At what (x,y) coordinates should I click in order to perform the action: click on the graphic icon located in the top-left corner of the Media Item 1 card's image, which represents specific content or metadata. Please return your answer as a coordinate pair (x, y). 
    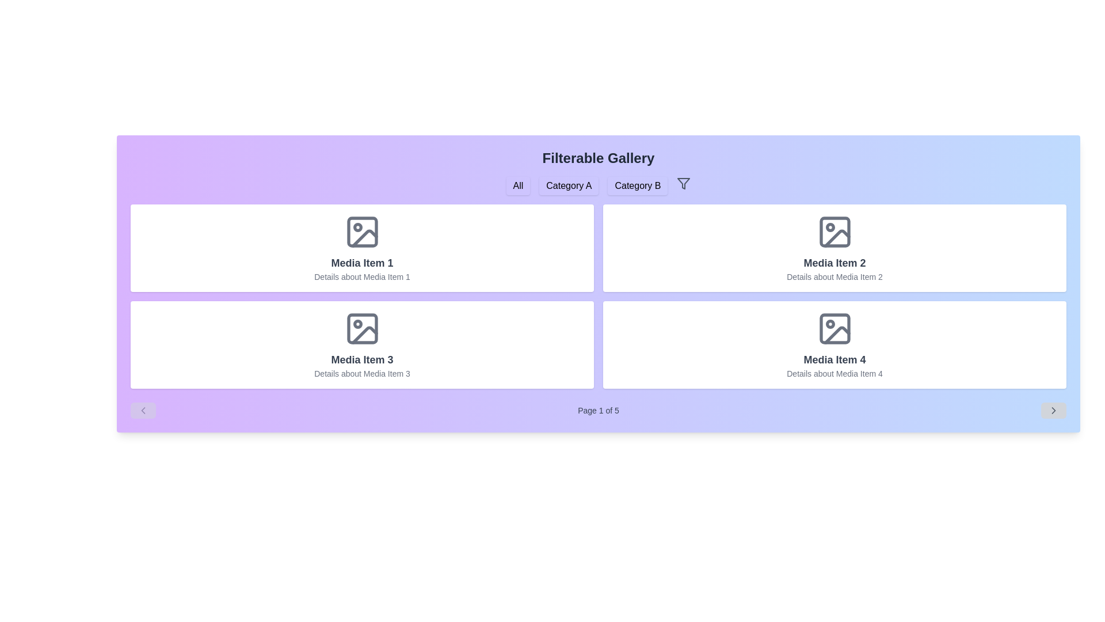
    Looking at the image, I should click on (364, 238).